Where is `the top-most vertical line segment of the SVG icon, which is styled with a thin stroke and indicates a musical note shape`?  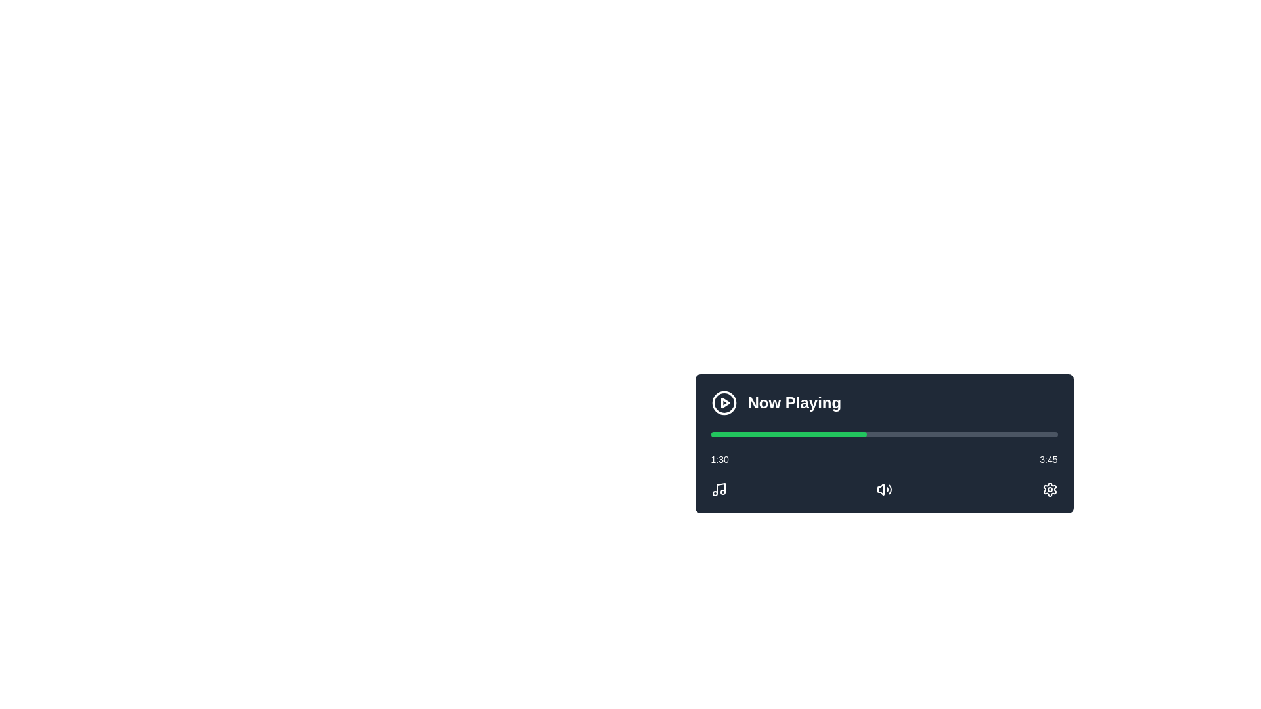
the top-most vertical line segment of the SVG icon, which is styled with a thin stroke and indicates a musical note shape is located at coordinates (720, 488).